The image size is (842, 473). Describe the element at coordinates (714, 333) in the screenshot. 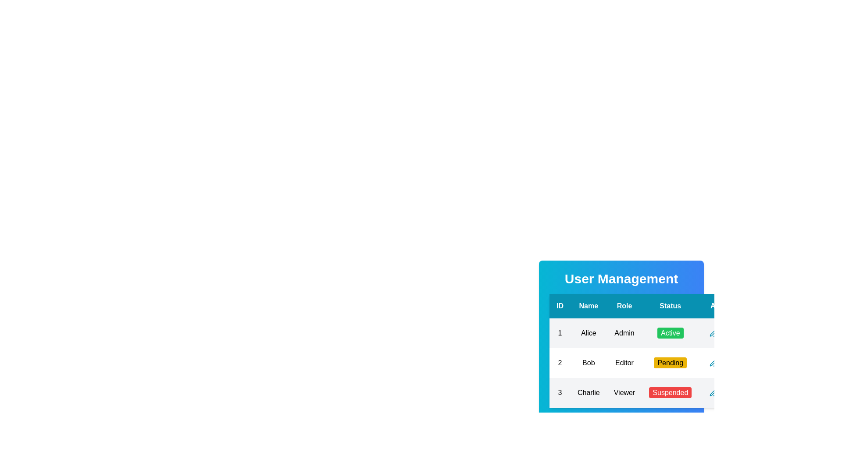

I see `the edit button in the 'Actions' column of the table for the user 'Alice' to initiate the edit action` at that location.